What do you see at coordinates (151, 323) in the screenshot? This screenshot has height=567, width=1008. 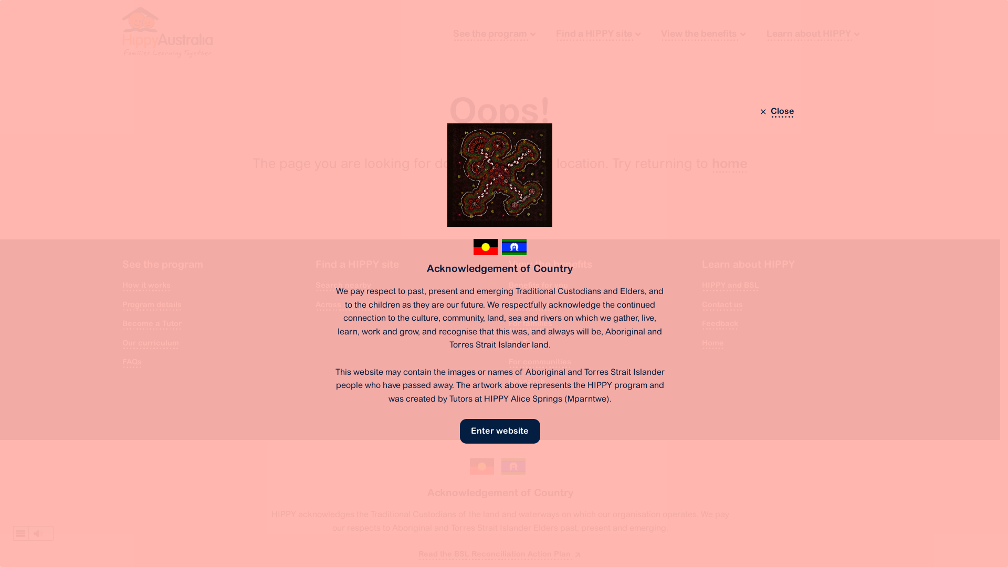 I see `'Become a Tutor'` at bounding box center [151, 323].